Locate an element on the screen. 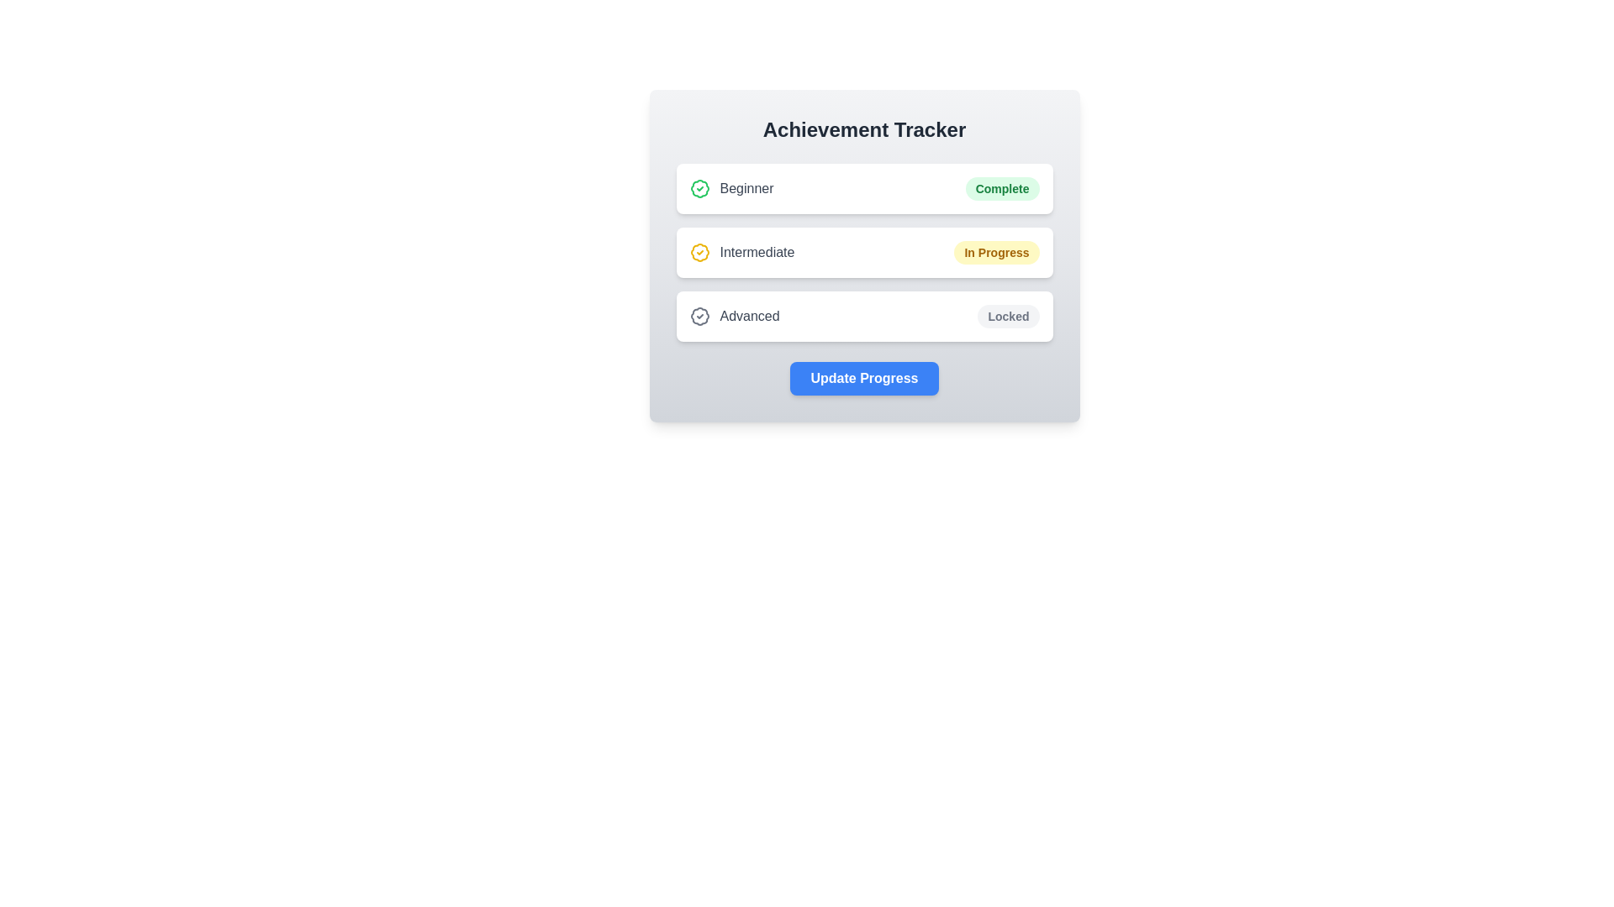 This screenshot has height=907, width=1614. an individual progress status in the Progress tracker section, which contains three labeled rows with left-aligned labels and right-aligned status indicators is located at coordinates (864, 252).